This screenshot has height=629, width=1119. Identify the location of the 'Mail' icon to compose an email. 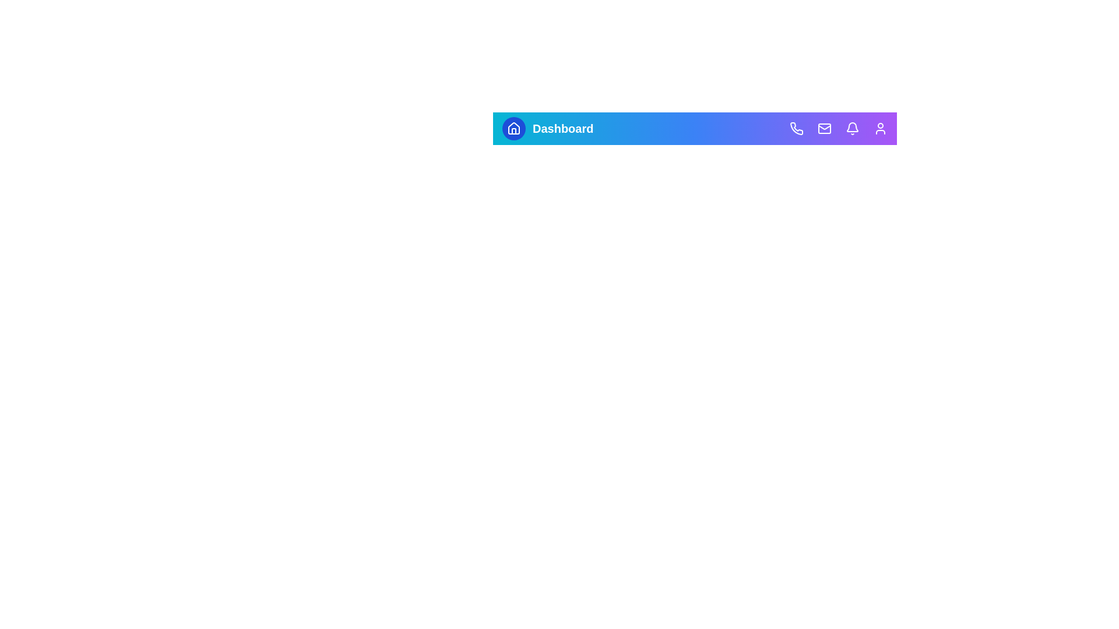
(824, 128).